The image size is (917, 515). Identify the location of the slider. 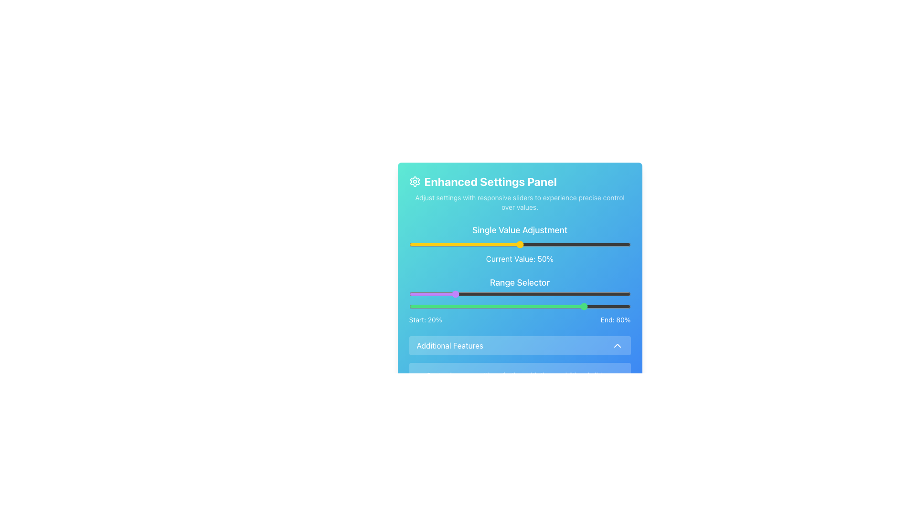
(433, 244).